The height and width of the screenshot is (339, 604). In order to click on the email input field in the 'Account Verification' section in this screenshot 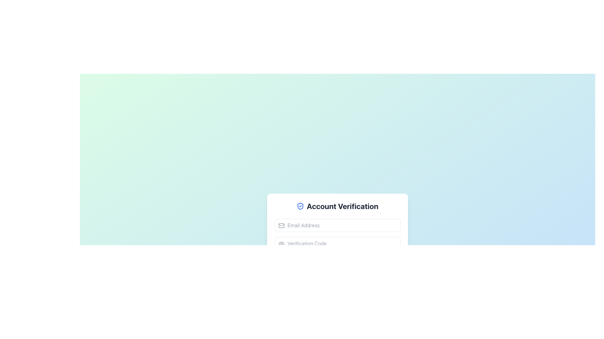, I will do `click(337, 225)`.